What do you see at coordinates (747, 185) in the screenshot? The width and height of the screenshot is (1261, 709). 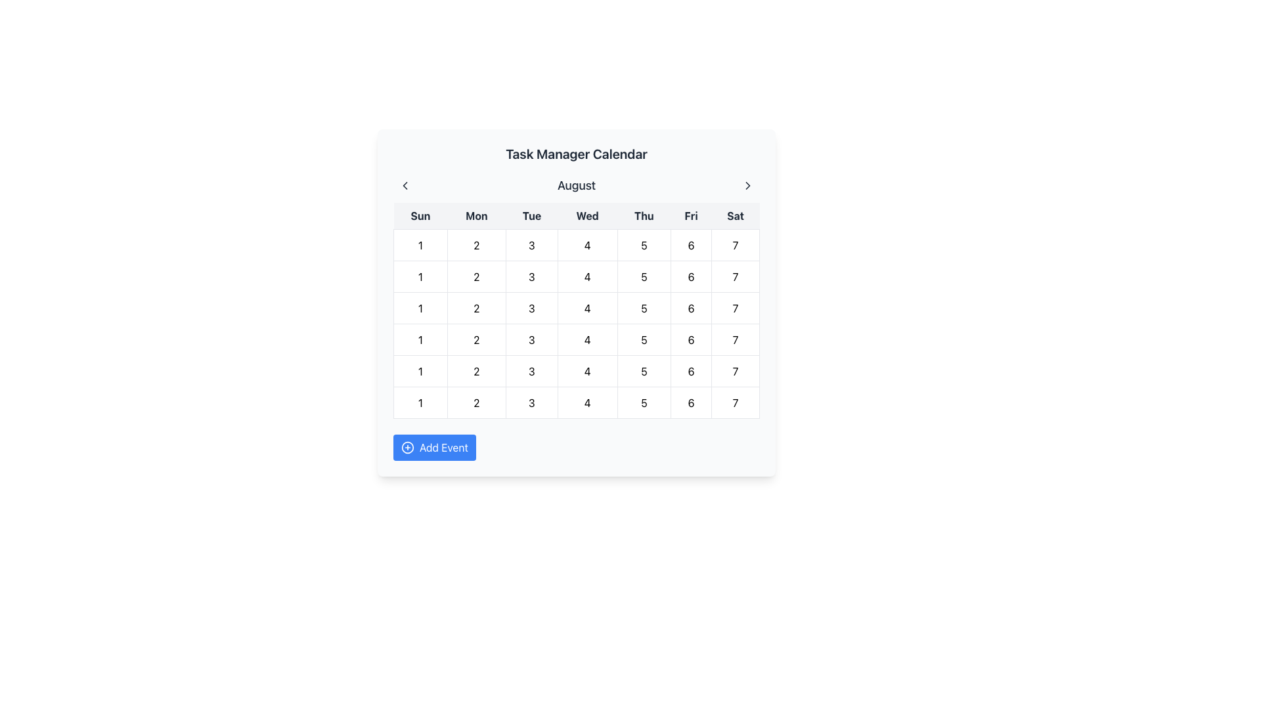 I see `the chevron arrow icon pointing right, located at the top-right of the calendar header next to the month name 'August'` at bounding box center [747, 185].